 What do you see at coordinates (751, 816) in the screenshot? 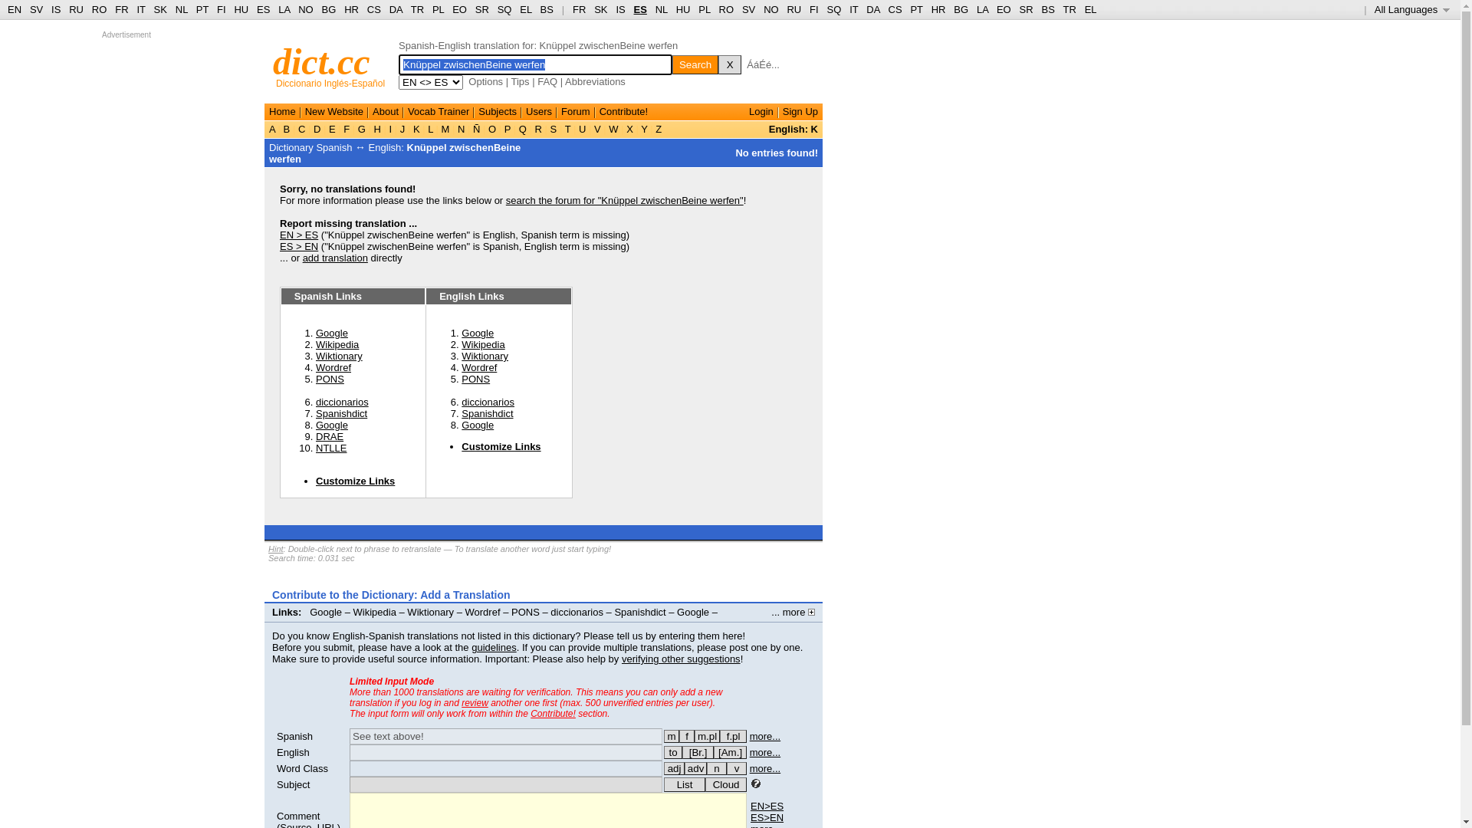
I see `'ES>EN'` at bounding box center [751, 816].